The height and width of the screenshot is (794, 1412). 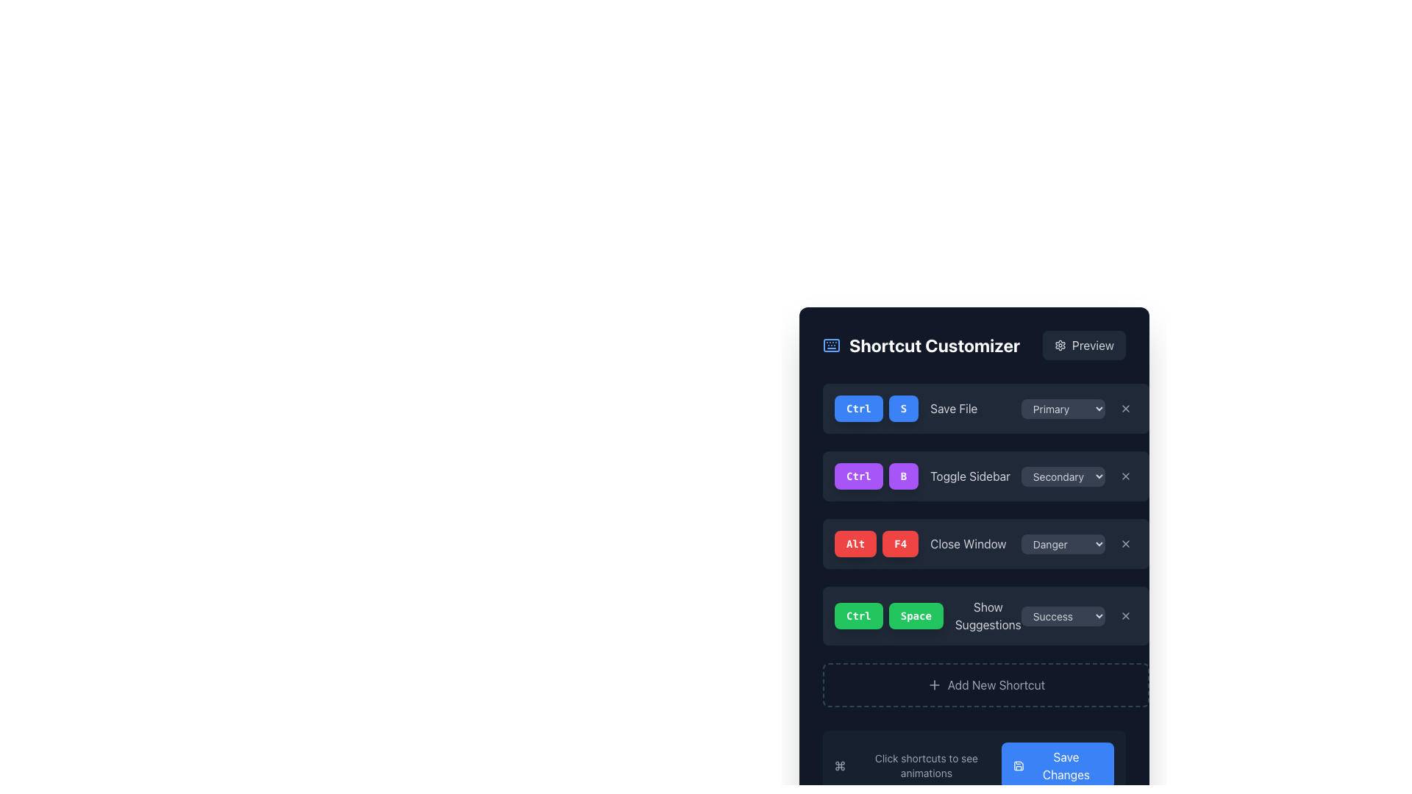 What do you see at coordinates (1063, 408) in the screenshot?
I see `the 'Primary' dropdown button located in the top row of the Shortcut Customizer panel for tooltip display` at bounding box center [1063, 408].